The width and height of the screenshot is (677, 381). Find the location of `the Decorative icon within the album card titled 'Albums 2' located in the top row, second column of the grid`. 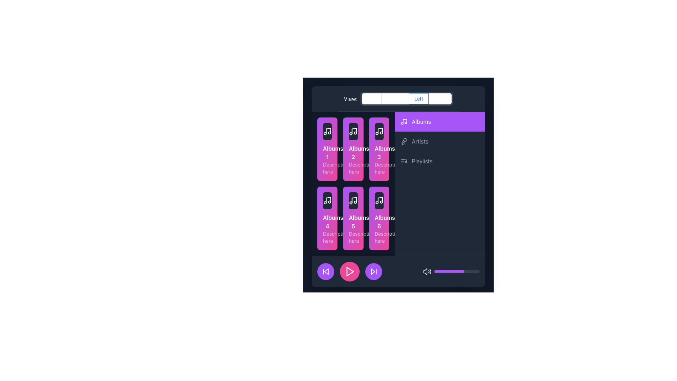

the Decorative icon within the album card titled 'Albums 2' located in the top row, second column of the grid is located at coordinates (353, 132).